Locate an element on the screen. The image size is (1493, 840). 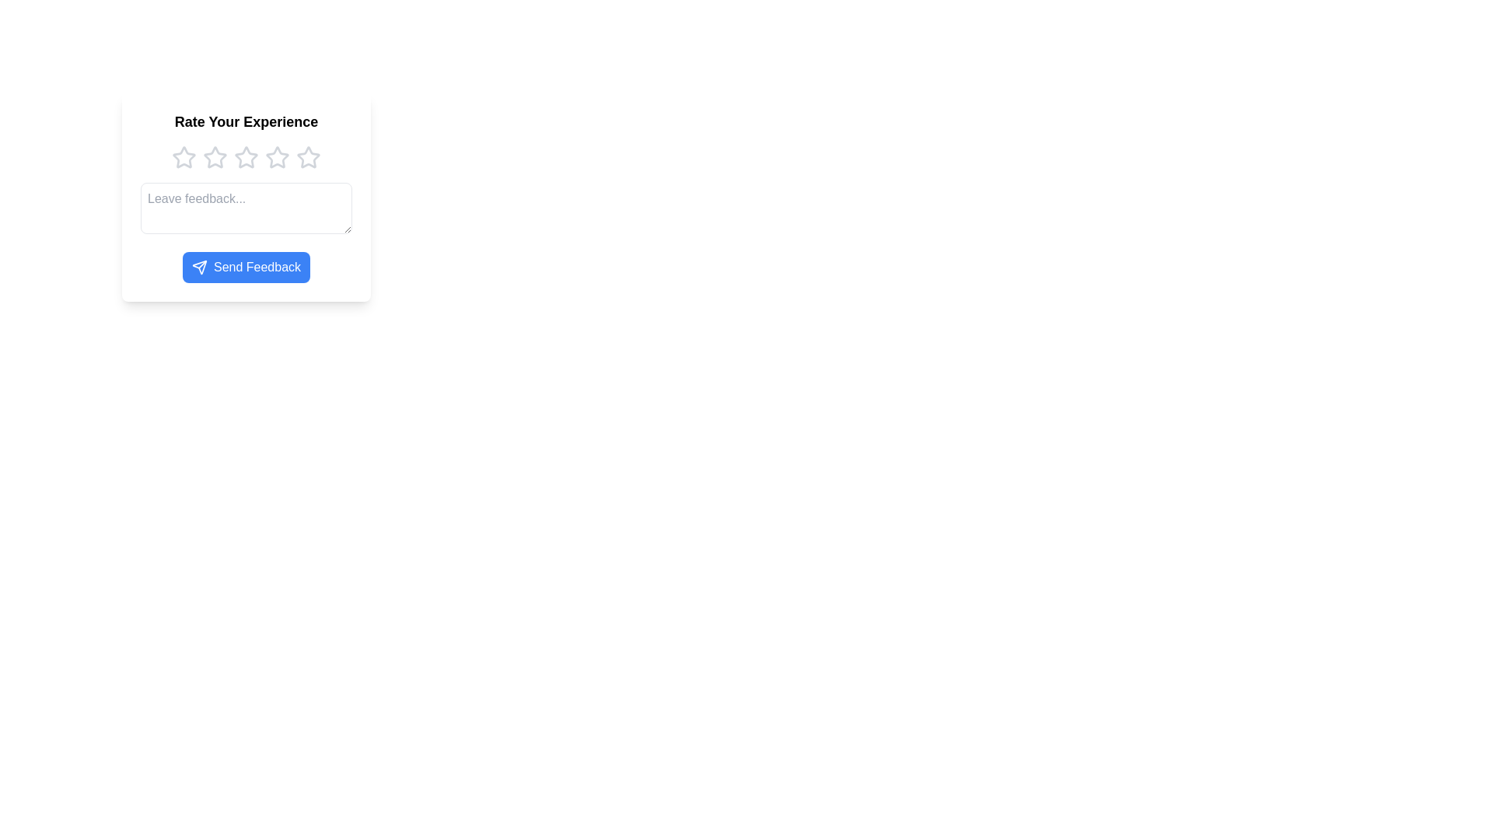
the 'Send Feedback' button with a light blue background and a paper plane icon to change its background color is located at coordinates (245, 266).